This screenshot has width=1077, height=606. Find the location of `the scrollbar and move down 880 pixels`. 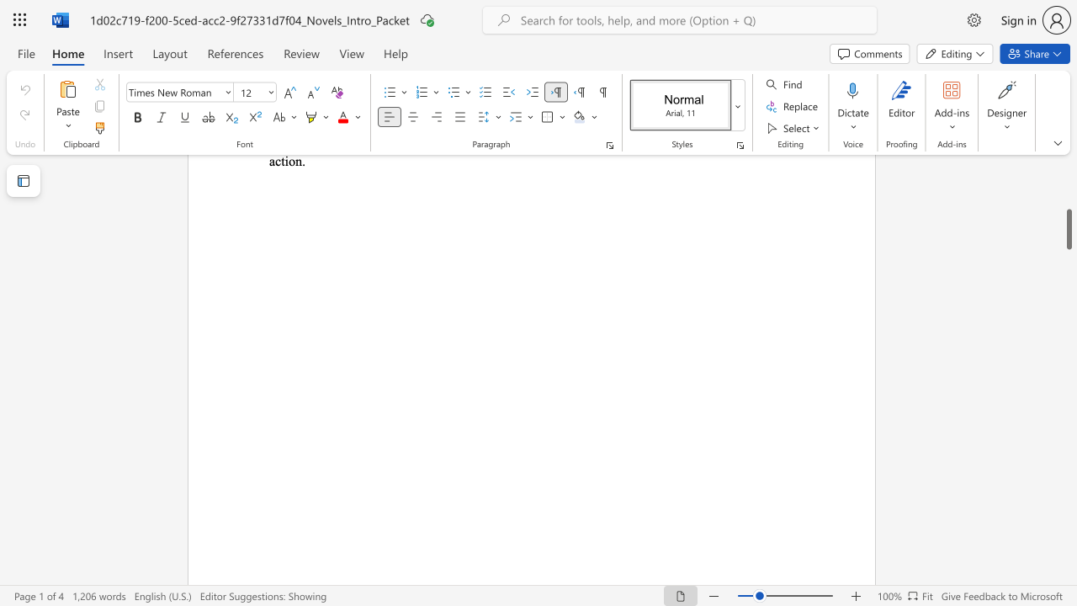

the scrollbar and move down 880 pixels is located at coordinates (1068, 229).